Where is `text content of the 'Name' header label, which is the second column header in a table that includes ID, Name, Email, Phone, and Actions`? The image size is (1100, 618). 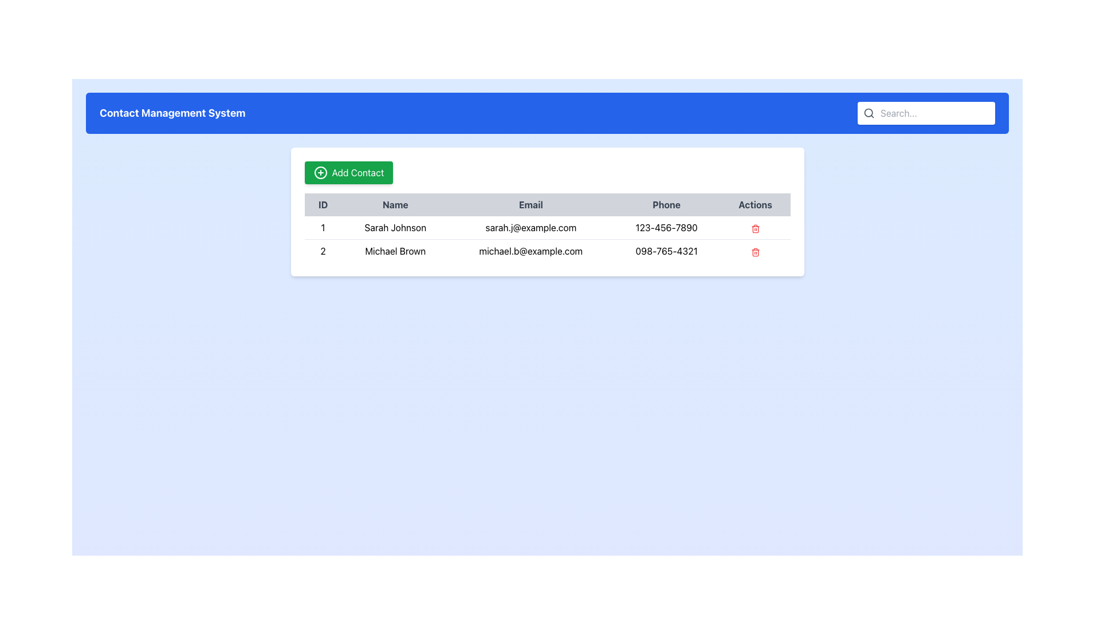
text content of the 'Name' header label, which is the second column header in a table that includes ID, Name, Email, Phone, and Actions is located at coordinates (395, 204).